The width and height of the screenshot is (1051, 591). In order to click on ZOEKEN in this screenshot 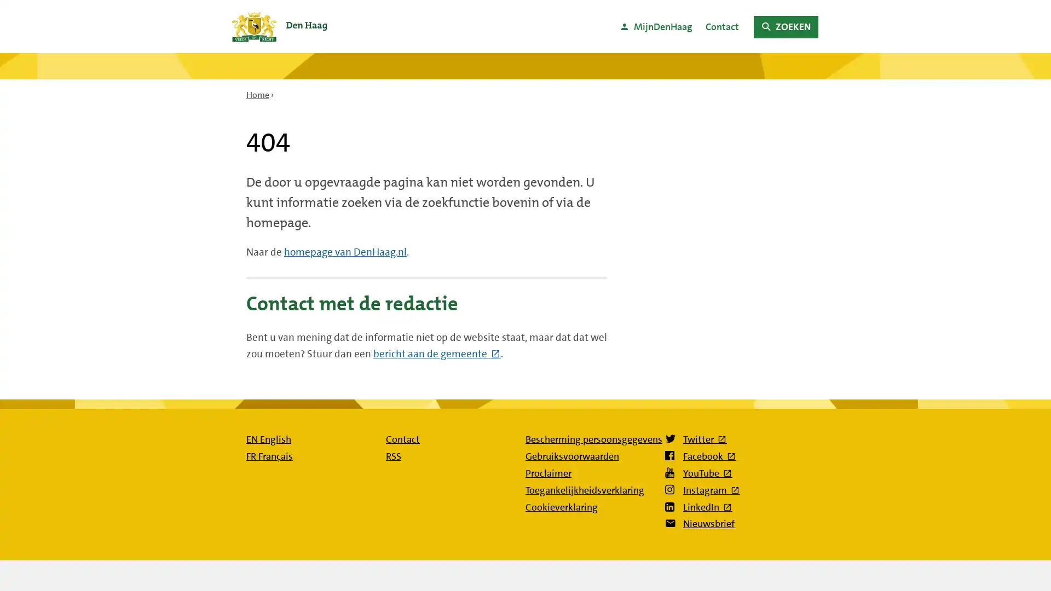, I will do `click(785, 26)`.